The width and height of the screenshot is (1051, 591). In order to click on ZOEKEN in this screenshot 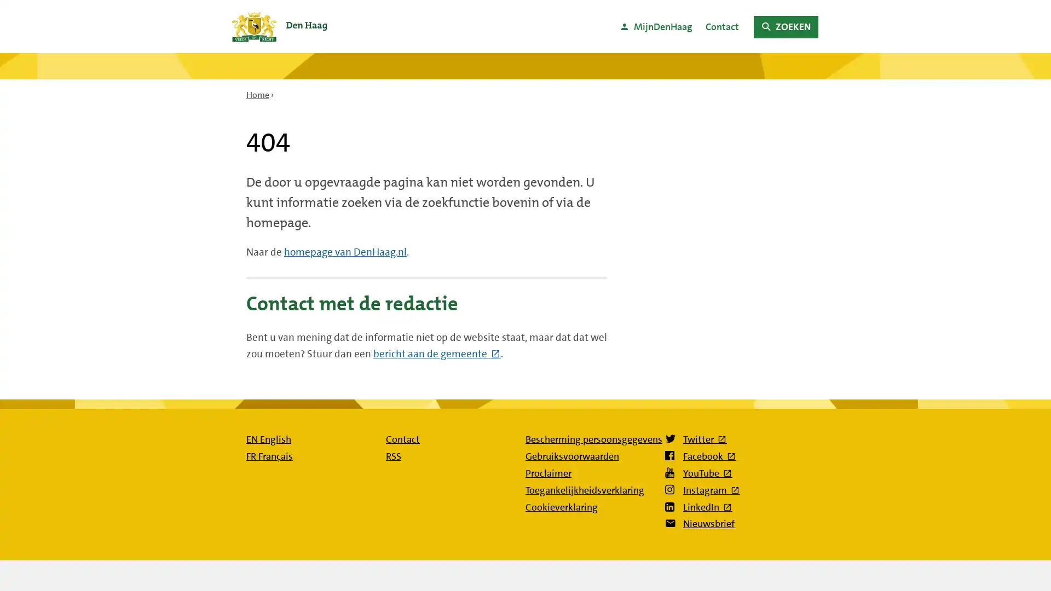, I will do `click(785, 26)`.